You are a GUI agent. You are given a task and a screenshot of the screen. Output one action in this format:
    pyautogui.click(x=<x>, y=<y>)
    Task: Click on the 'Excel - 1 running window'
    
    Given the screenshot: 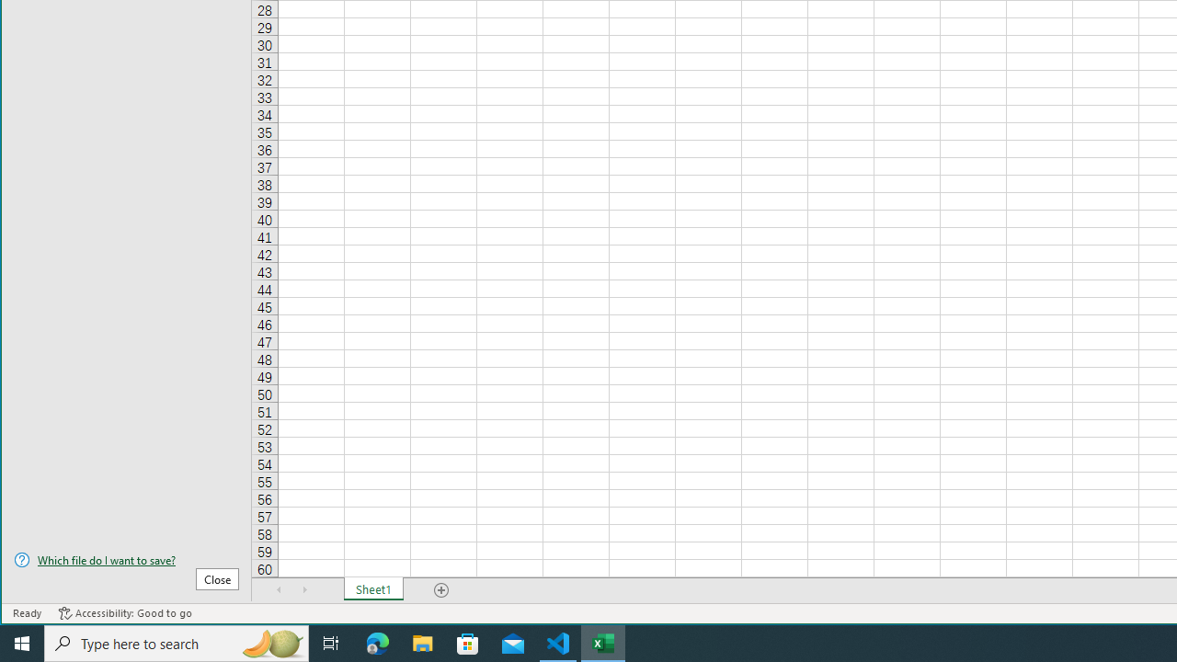 What is the action you would take?
    pyautogui.click(x=603, y=642)
    